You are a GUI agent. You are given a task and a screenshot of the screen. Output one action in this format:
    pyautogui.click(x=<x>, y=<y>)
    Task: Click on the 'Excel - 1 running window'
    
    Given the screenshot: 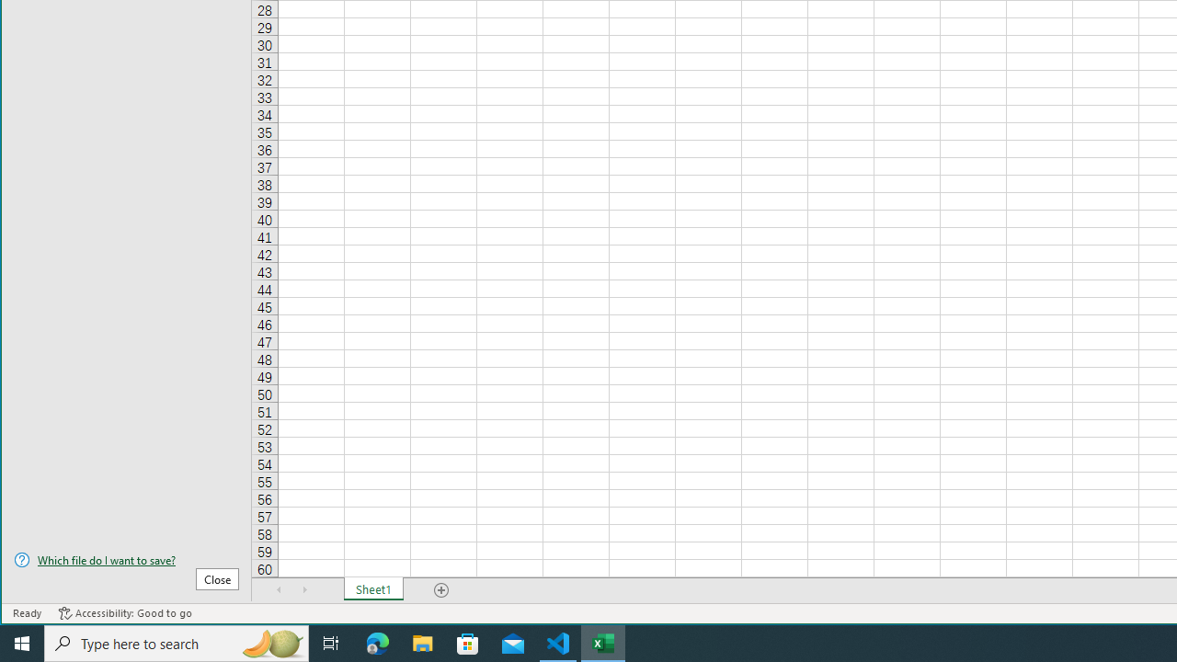 What is the action you would take?
    pyautogui.click(x=603, y=642)
    